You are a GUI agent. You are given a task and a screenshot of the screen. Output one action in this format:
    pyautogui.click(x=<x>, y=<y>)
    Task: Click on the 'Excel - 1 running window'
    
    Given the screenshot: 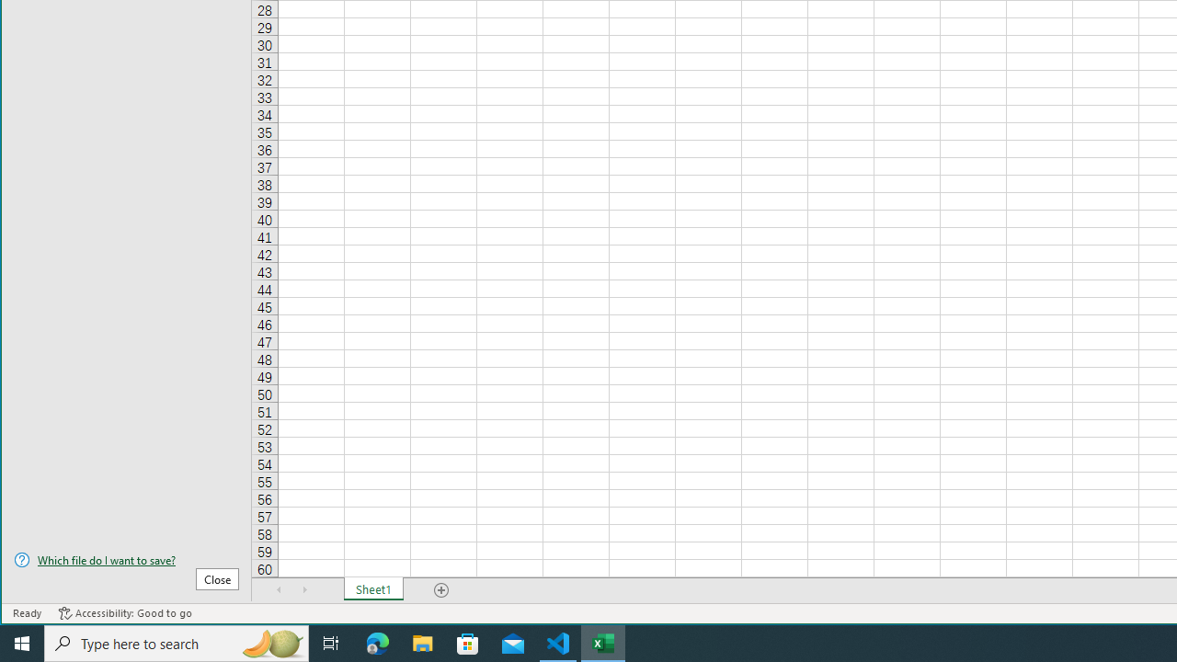 What is the action you would take?
    pyautogui.click(x=603, y=642)
    